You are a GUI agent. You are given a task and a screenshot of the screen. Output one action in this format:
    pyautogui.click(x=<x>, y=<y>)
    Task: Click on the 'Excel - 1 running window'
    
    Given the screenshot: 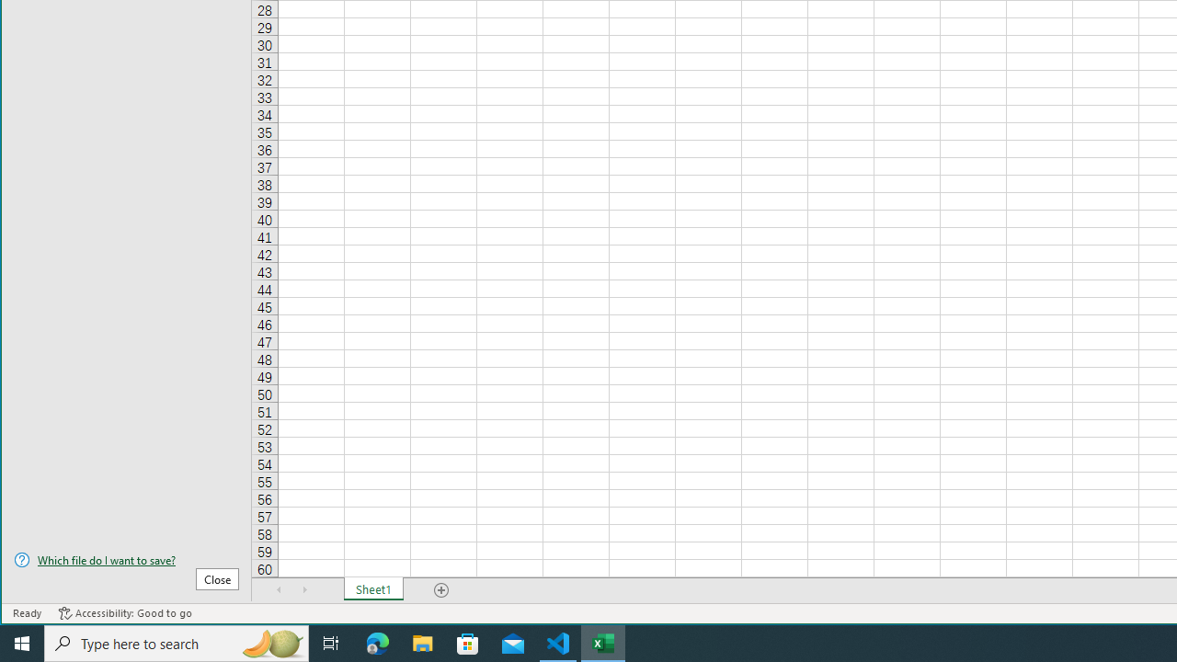 What is the action you would take?
    pyautogui.click(x=603, y=642)
    